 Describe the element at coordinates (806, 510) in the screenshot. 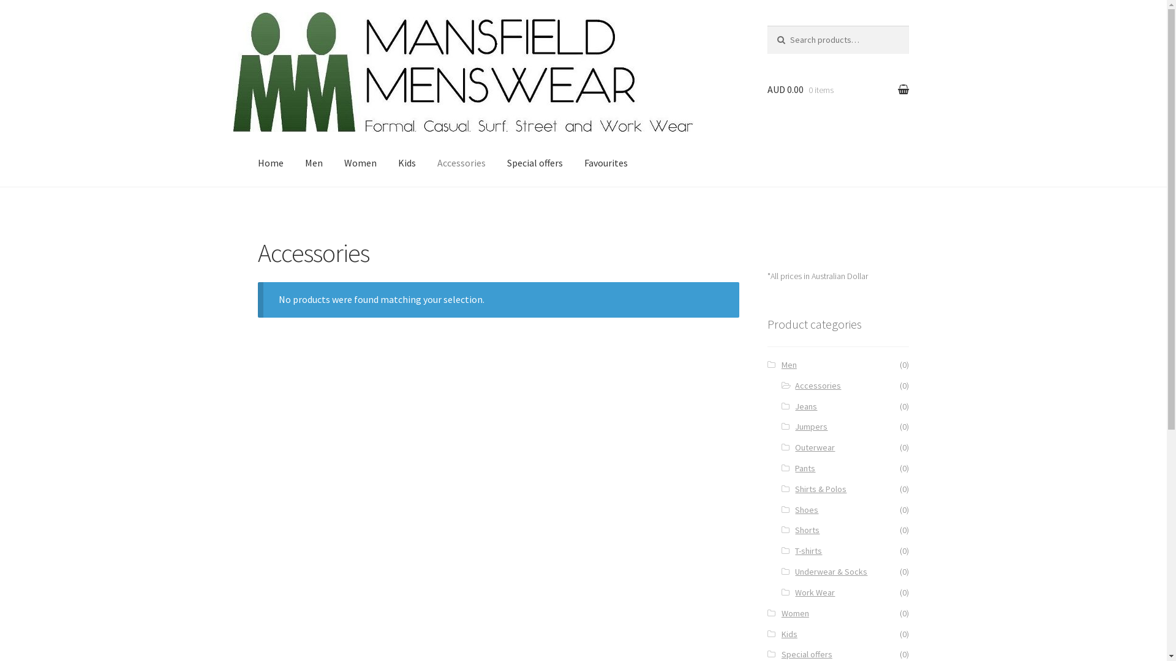

I see `'Shoes'` at that location.